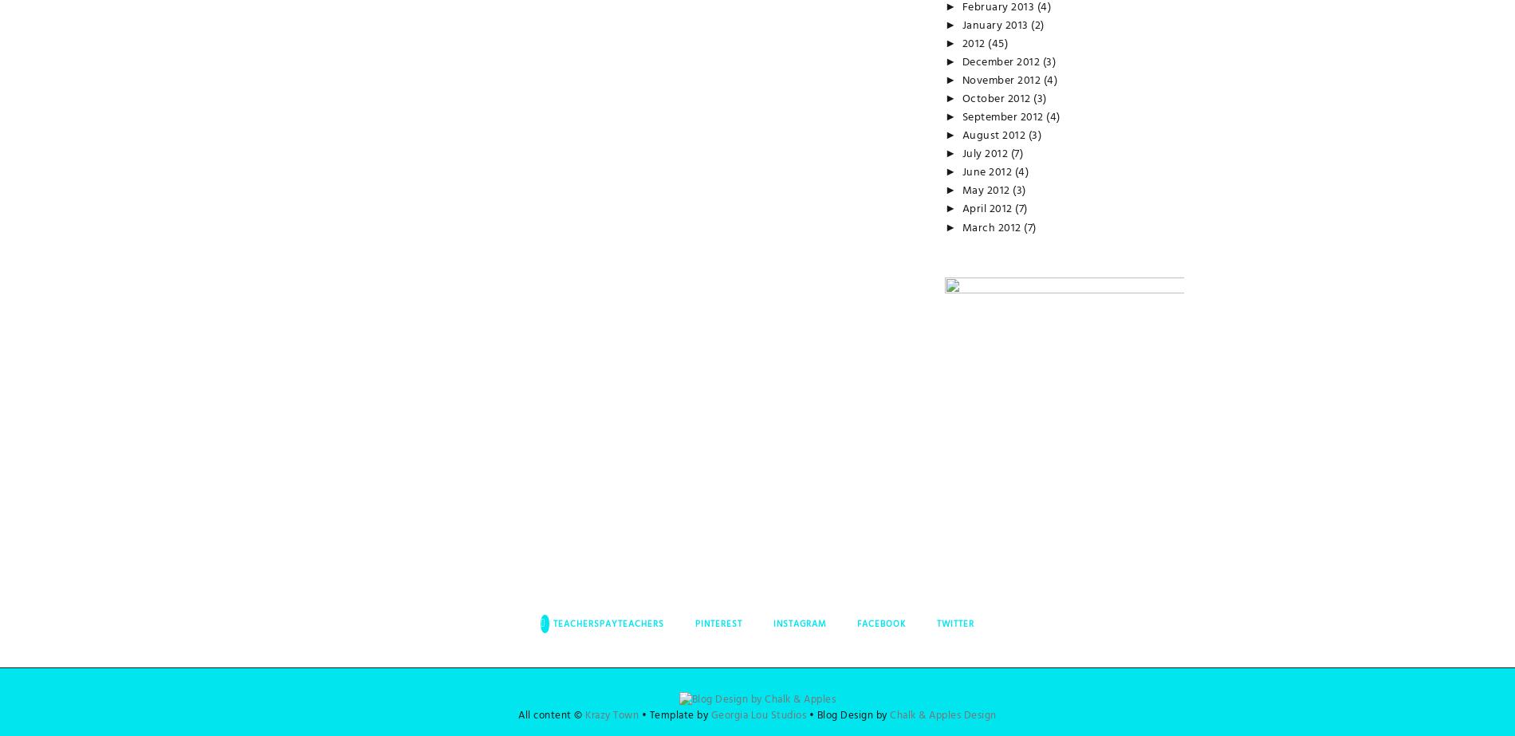 The image size is (1515, 736). Describe the element at coordinates (551, 714) in the screenshot. I see `'All content ©'` at that location.